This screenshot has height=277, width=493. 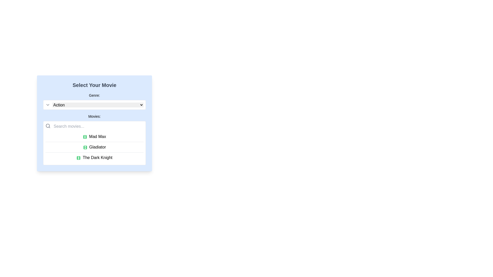 I want to click on the green film icon located to the left of the text 'Mad Max' in the first movie entry of the list under the 'Movies' section, so click(x=85, y=136).